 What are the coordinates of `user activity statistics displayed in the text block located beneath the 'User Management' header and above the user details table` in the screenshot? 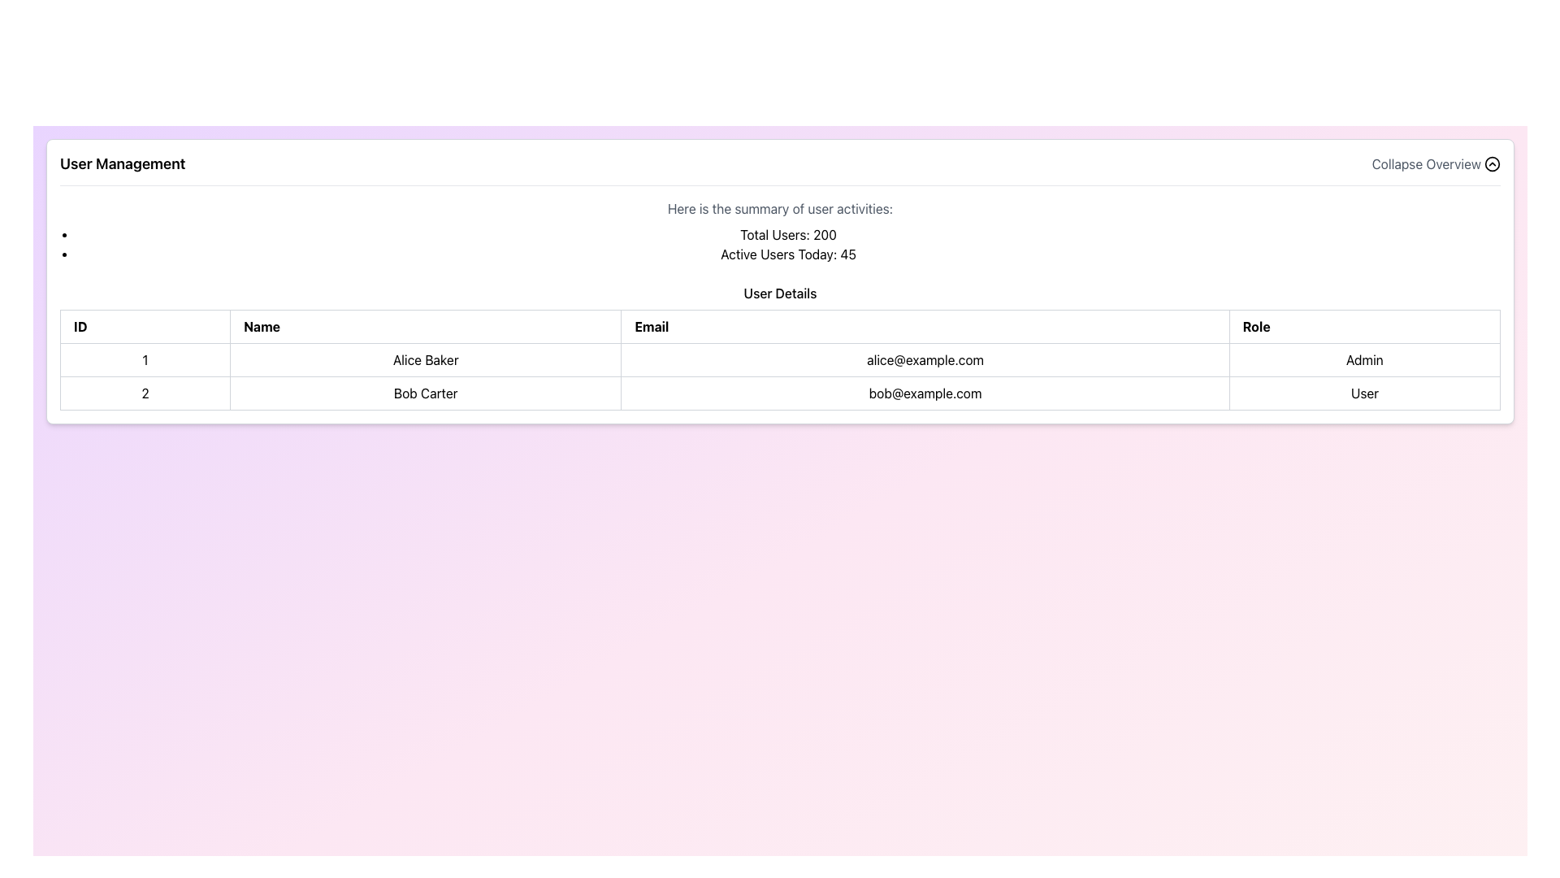 It's located at (780, 232).